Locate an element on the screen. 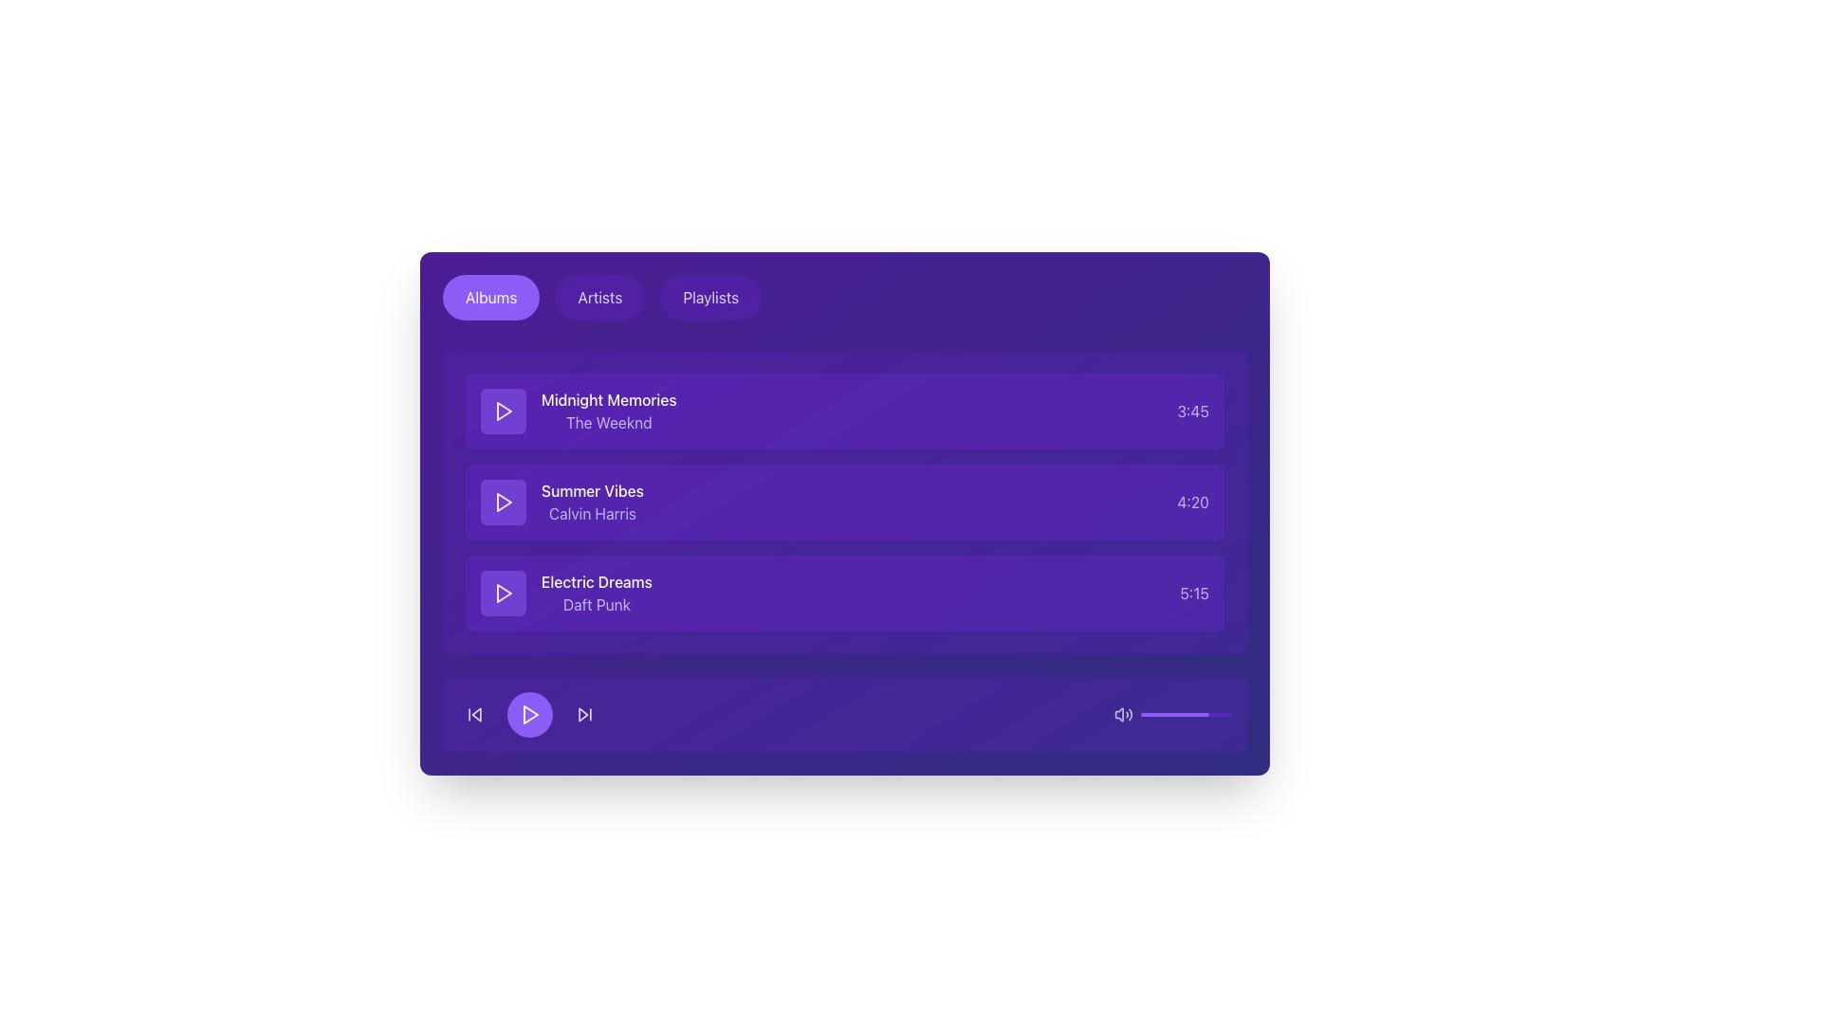 The width and height of the screenshot is (1821, 1024). the Text Label identifying the artist name associated with the track 'Midnight Memories', which is positioned underneath the song label in the first song block of the vertically arranged list is located at coordinates (609, 422).